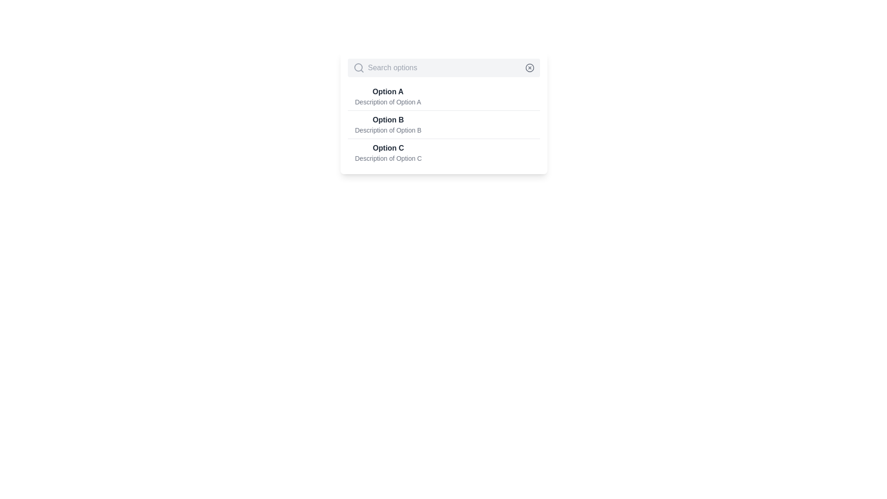  What do you see at coordinates (358, 67) in the screenshot?
I see `the SVG circle element representing the lens of the magnifying glass icon located at the upper-left part of the search bar interface` at bounding box center [358, 67].